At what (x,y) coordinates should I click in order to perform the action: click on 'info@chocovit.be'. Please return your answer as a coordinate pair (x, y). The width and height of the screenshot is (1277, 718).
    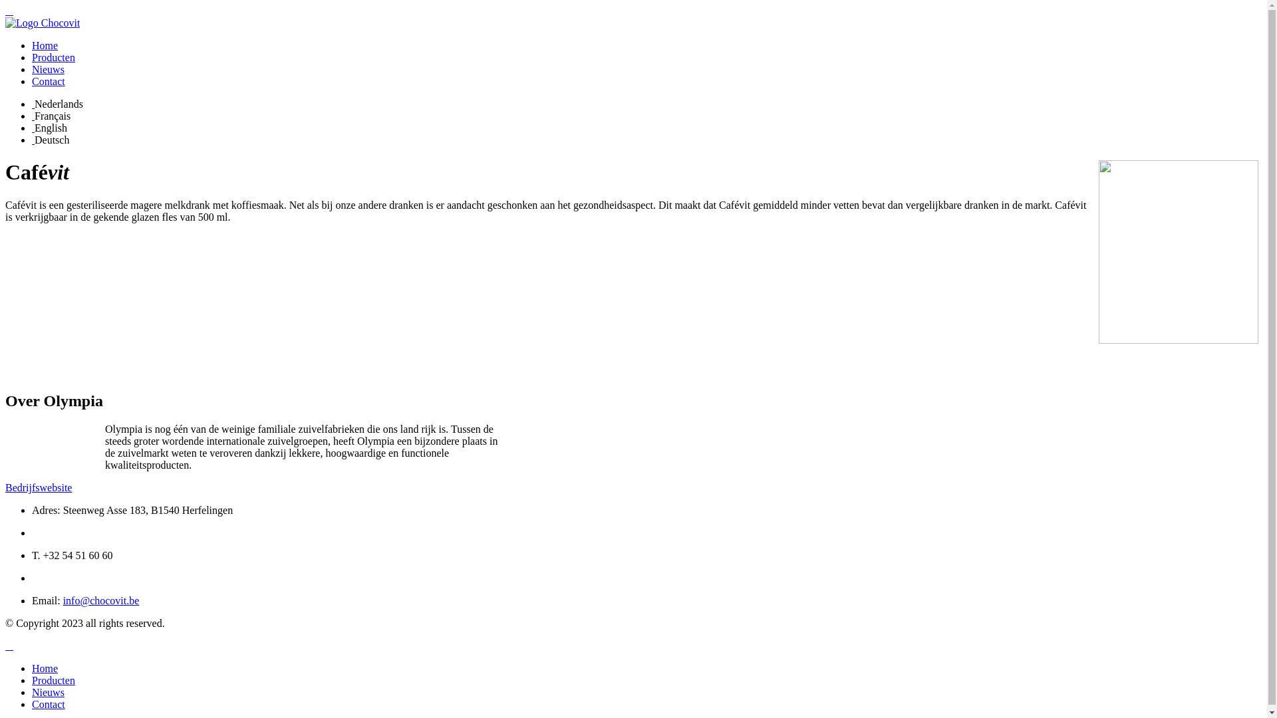
    Looking at the image, I should click on (63, 600).